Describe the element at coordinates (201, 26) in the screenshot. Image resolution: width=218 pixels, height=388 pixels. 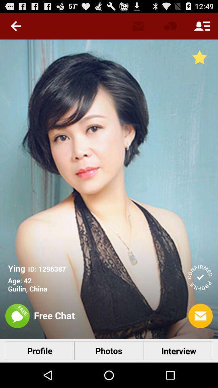
I see `the icon in the top right corner` at that location.